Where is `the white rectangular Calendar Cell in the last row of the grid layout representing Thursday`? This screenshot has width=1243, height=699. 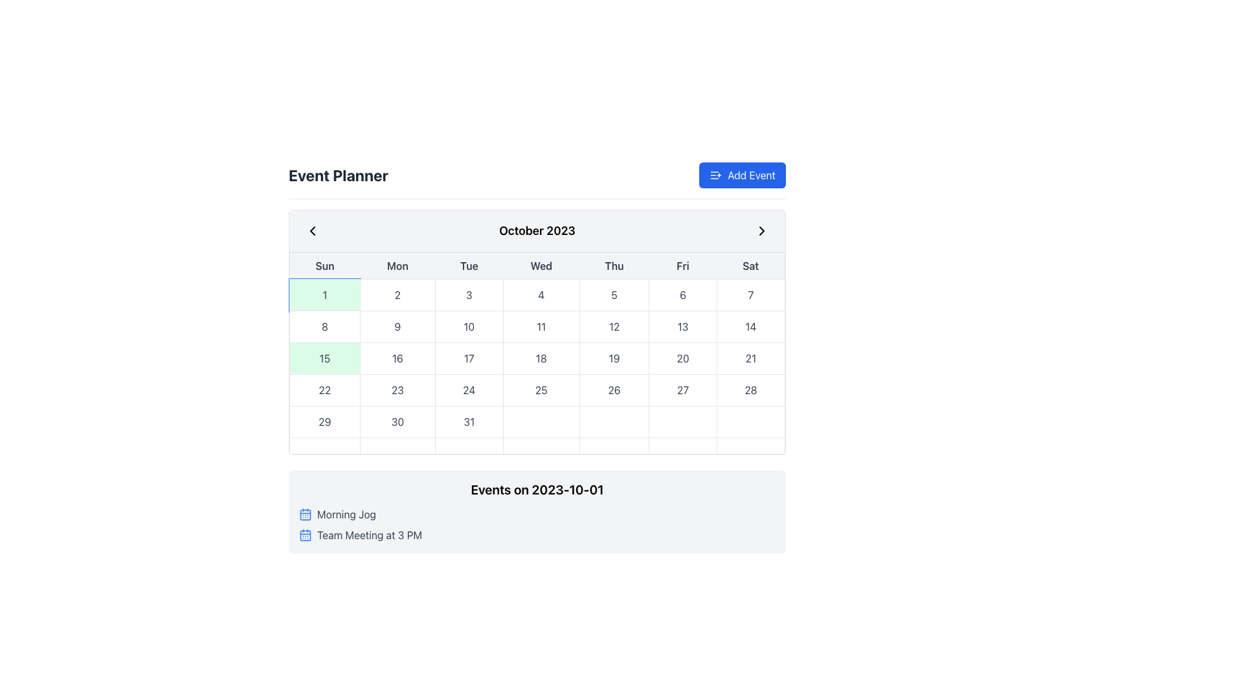
the white rectangular Calendar Cell in the last row of the grid layout representing Thursday is located at coordinates (614, 421).